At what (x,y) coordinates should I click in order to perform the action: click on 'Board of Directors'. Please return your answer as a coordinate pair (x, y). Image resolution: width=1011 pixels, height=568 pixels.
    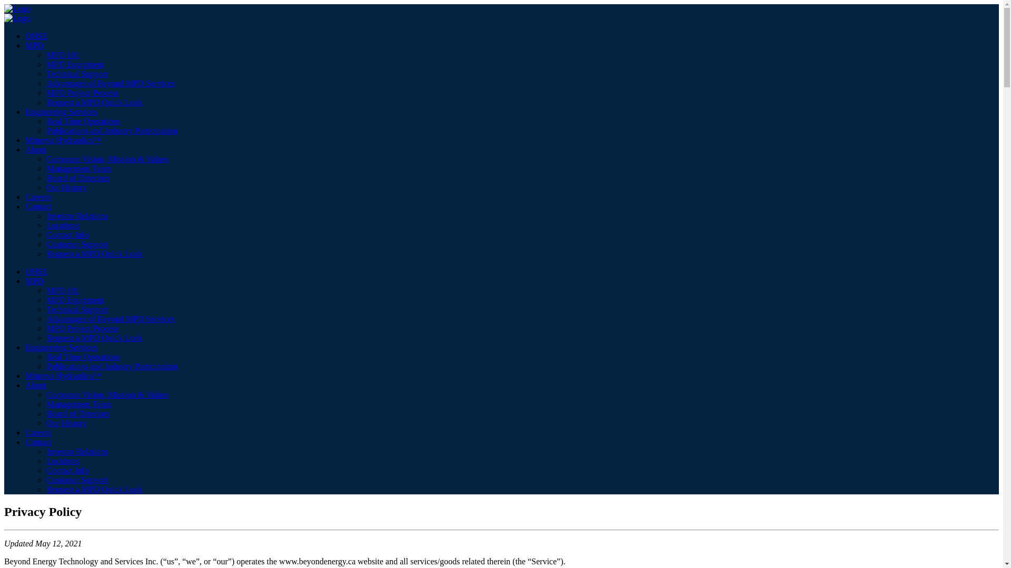
    Looking at the image, I should click on (77, 177).